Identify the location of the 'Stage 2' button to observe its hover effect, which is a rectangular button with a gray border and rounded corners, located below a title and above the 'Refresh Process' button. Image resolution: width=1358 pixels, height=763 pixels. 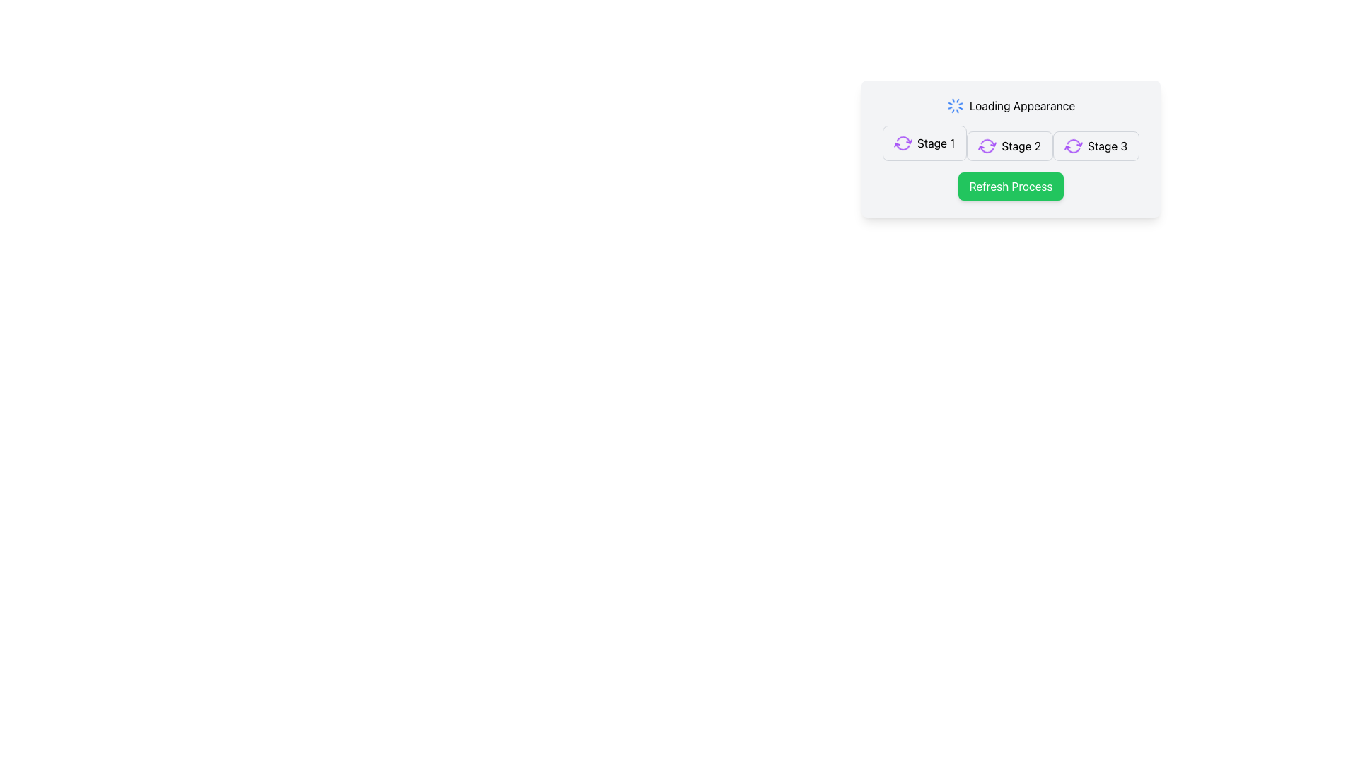
(1009, 146).